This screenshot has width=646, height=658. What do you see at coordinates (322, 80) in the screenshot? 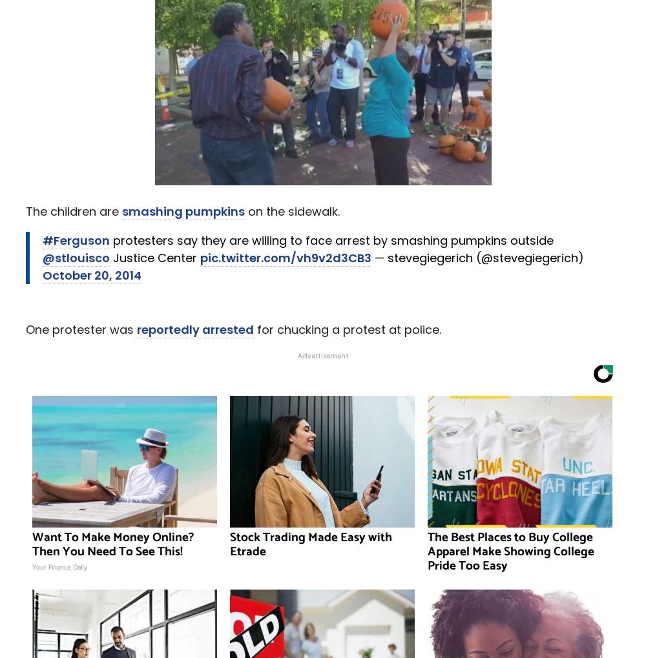
I see `'TGP Stats'` at bounding box center [322, 80].